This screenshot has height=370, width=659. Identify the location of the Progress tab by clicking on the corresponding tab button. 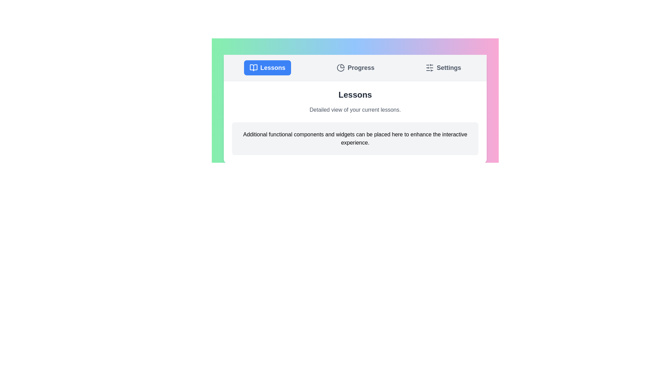
(356, 67).